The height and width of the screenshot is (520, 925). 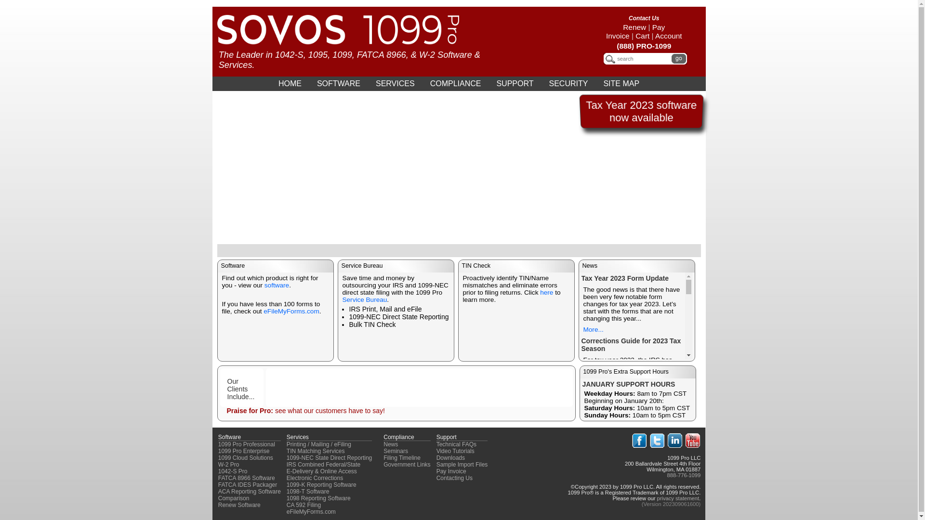 I want to click on 'Service Bureau', so click(x=364, y=299).